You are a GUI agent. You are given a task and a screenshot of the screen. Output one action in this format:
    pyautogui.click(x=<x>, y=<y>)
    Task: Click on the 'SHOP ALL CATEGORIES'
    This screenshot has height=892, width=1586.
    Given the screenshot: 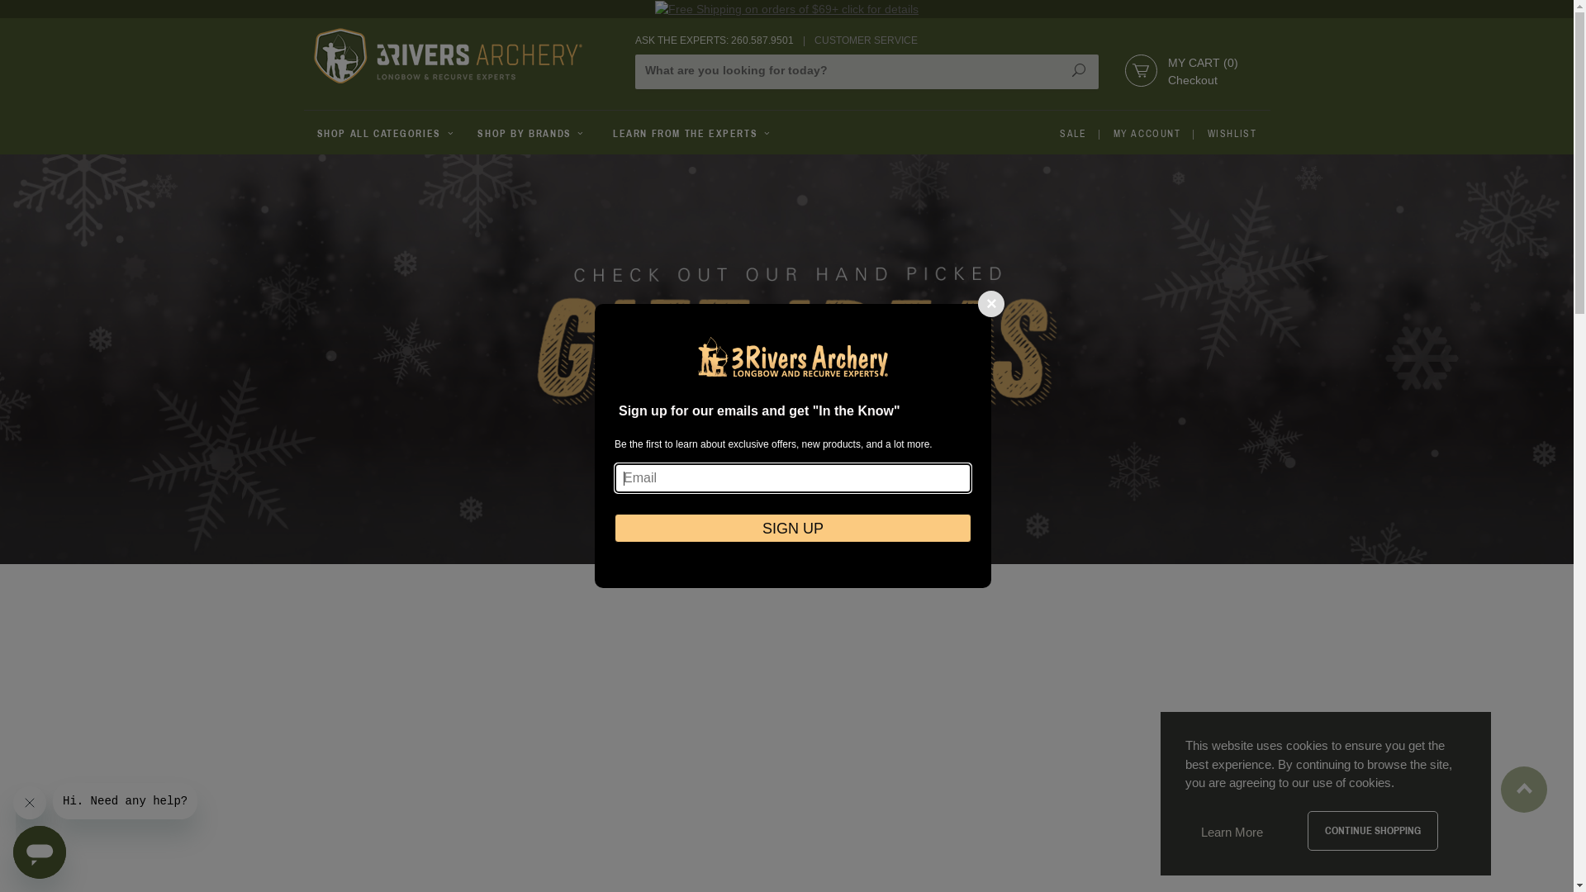 What is the action you would take?
    pyautogui.click(x=383, y=133)
    